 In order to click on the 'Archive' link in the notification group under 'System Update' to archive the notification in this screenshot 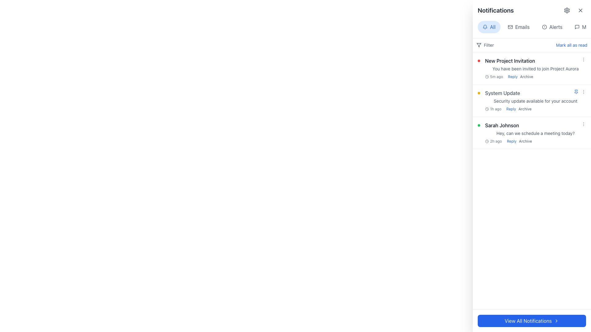, I will do `click(518, 109)`.